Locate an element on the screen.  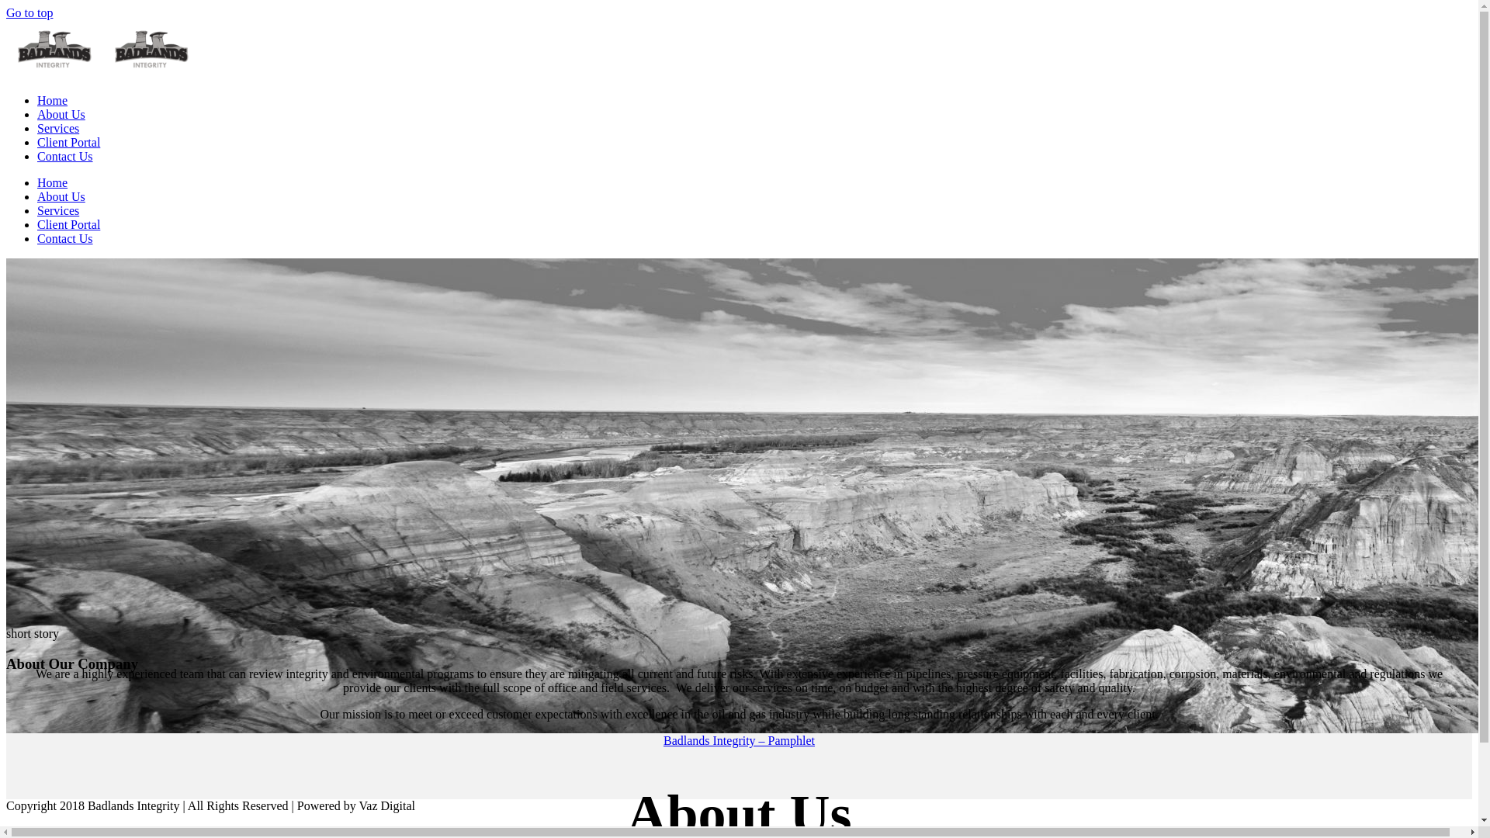
'Client Portal' is located at coordinates (68, 224).